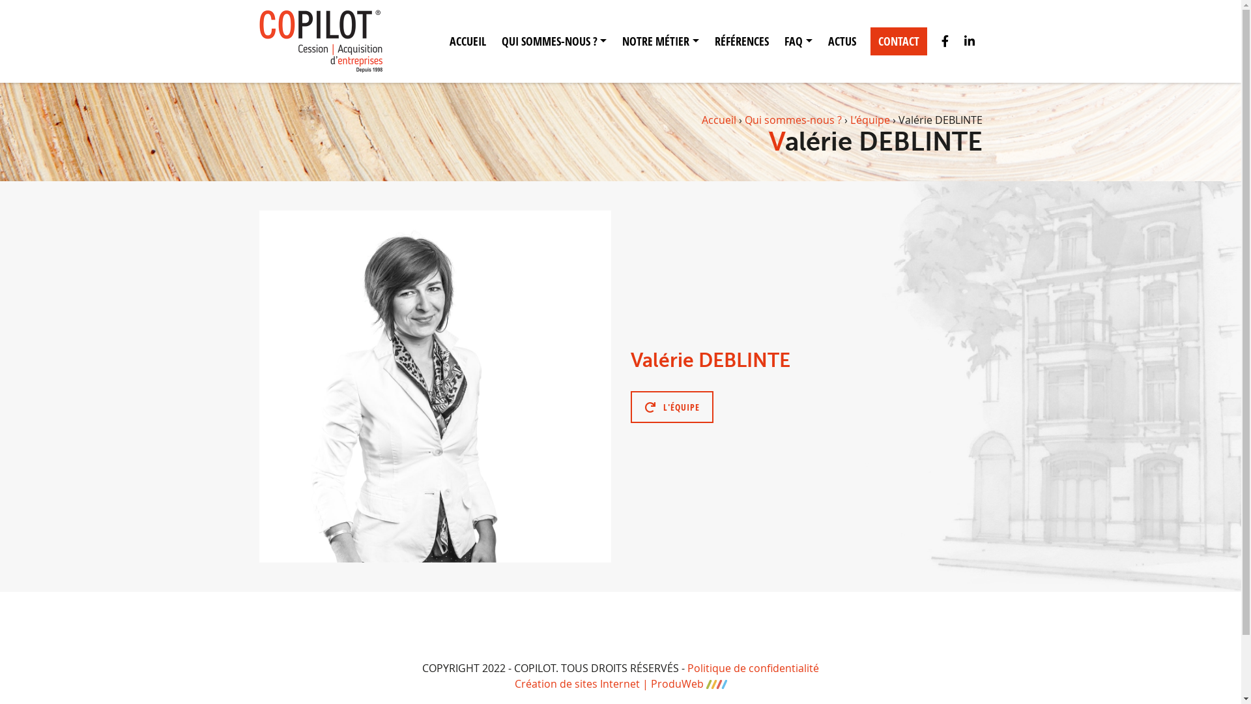  Describe the element at coordinates (554, 40) in the screenshot. I see `'QUI SOMMES-NOUS ?'` at that location.